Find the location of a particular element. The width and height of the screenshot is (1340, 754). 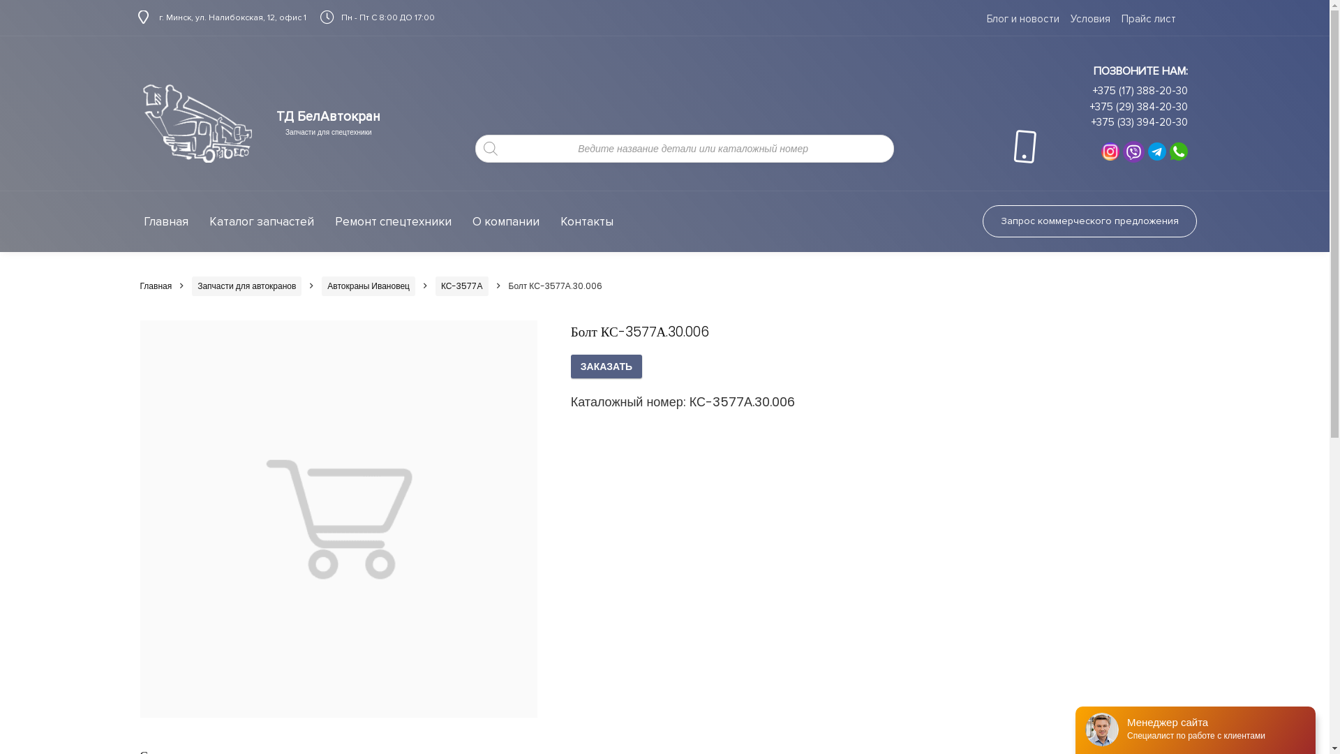

'+375 (29) 384-20-30' is located at coordinates (1089, 106).